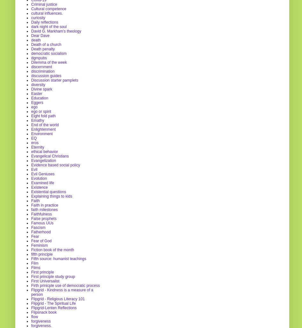 The image size is (302, 328). What do you see at coordinates (52, 249) in the screenshot?
I see `'Fiction book of the month'` at bounding box center [52, 249].